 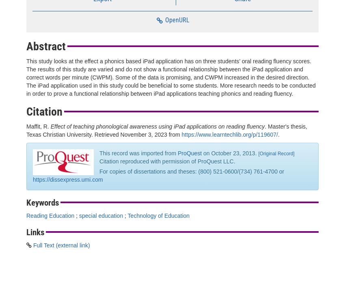 I want to click on 'Original Record', so click(x=276, y=152).